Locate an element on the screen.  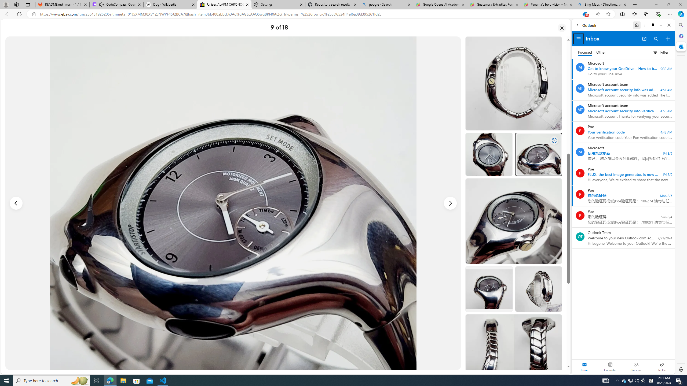
'Google Opens AI Academy for Startups - Nearshore Americas' is located at coordinates (440, 4).